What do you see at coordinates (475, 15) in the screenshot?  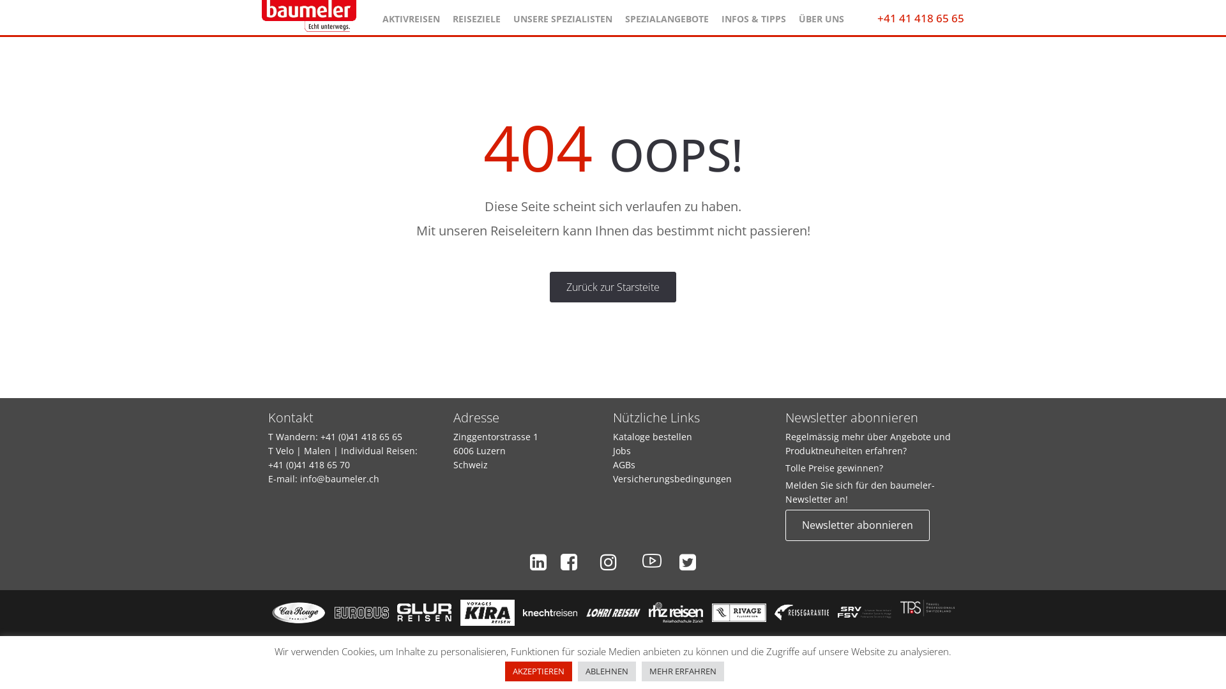 I see `'REISEZIELE'` at bounding box center [475, 15].